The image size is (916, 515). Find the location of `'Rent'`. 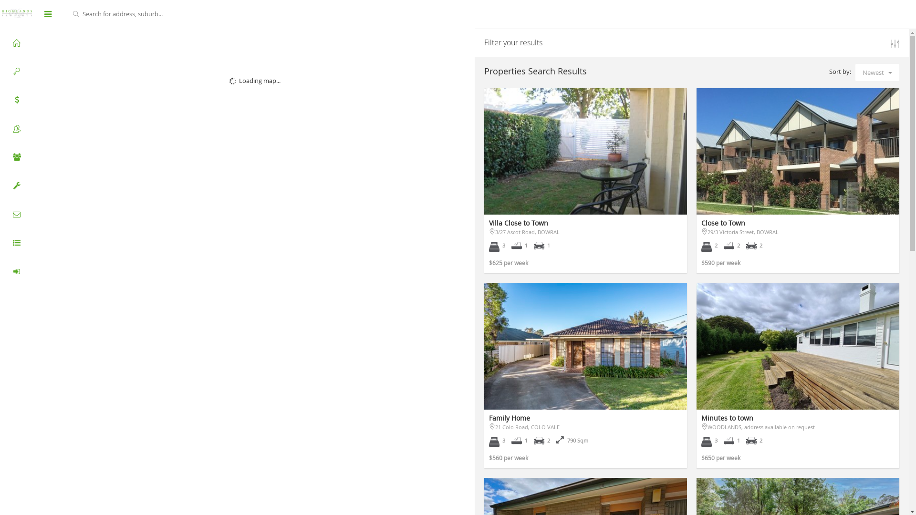

'Rent' is located at coordinates (16, 71).